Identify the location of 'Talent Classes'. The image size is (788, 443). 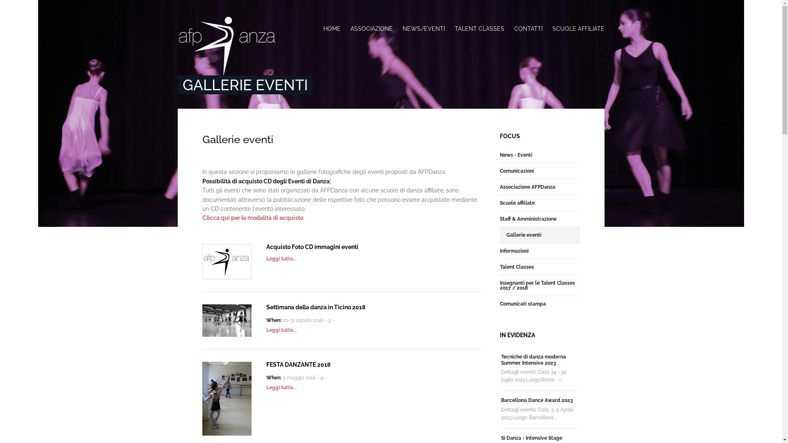
(516, 267).